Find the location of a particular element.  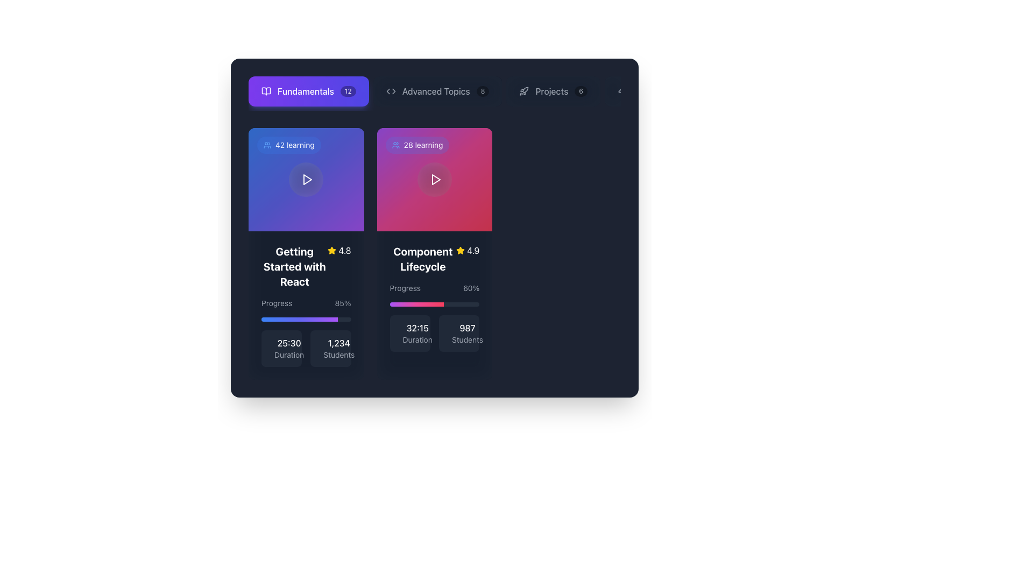

the 'Component Lifecycle' text element with a rating of '4.9' and a yellow star icon is located at coordinates (434, 259).